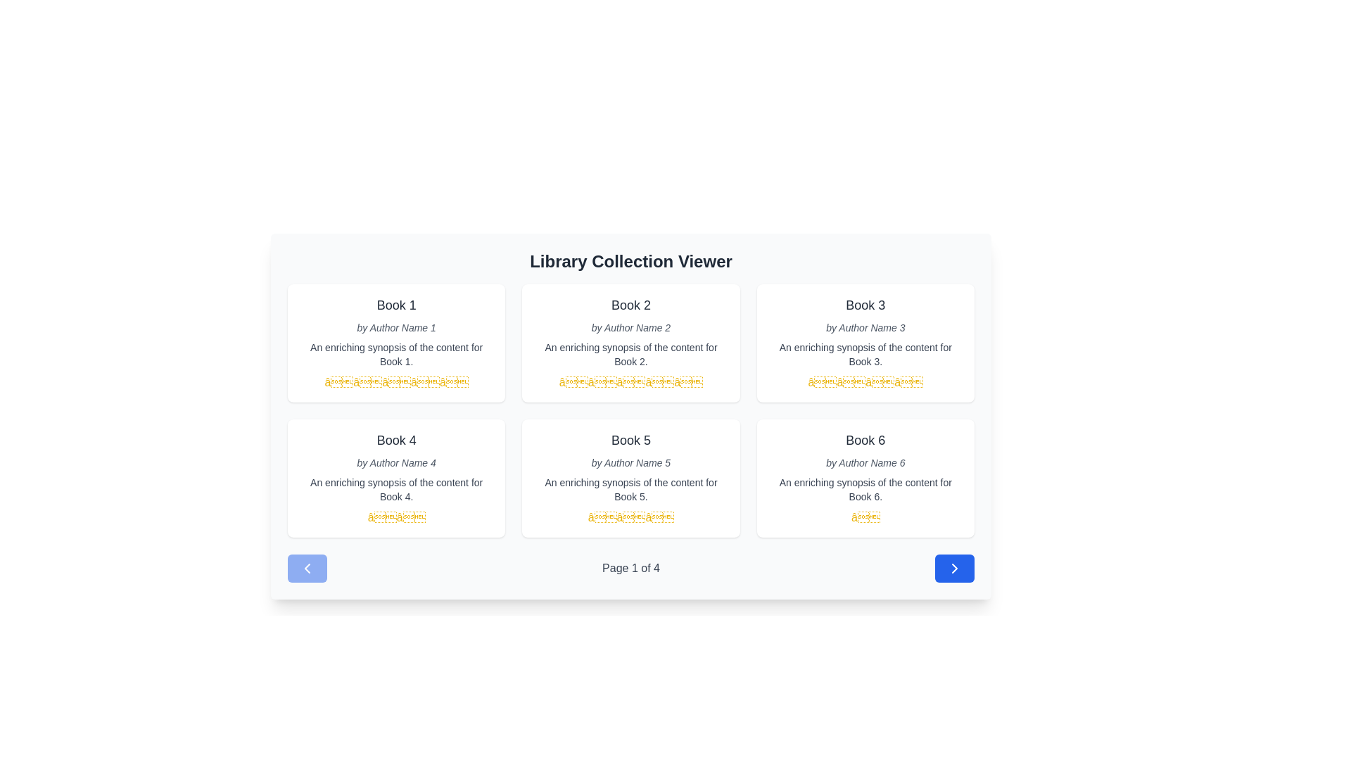 The width and height of the screenshot is (1351, 760). Describe the element at coordinates (410, 517) in the screenshot. I see `the second yellow star icon in the rating system for 'Book 4'` at that location.